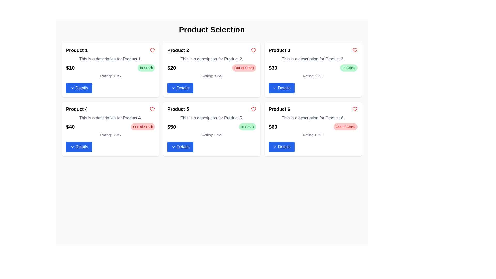  Describe the element at coordinates (143, 127) in the screenshot. I see `the 'Out of Stock' label with a red background located in the bottom-right portion of the 'Product 4' card, right of the price label ('$40')` at that location.